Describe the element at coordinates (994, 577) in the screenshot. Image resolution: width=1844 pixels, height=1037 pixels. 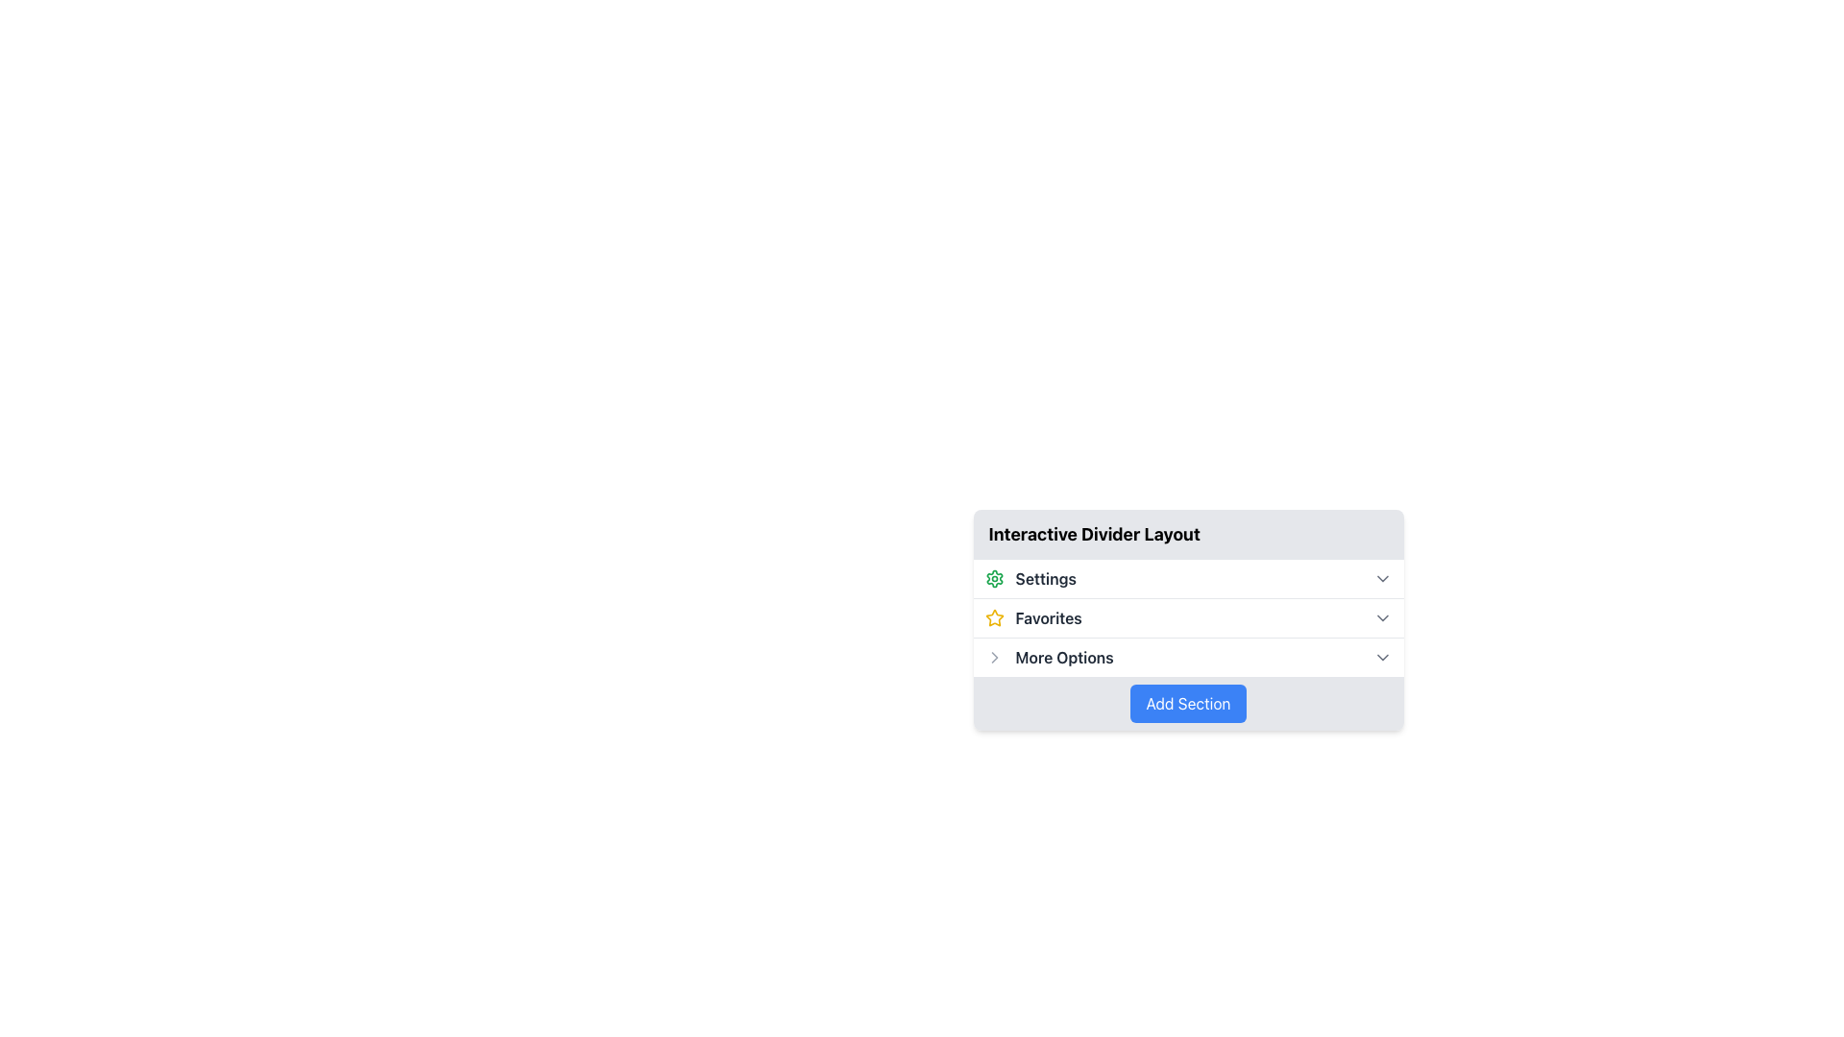
I see `the green gear icon representing settings, which is positioned to the left of the label 'Settings' in the settings dropdown list` at that location.